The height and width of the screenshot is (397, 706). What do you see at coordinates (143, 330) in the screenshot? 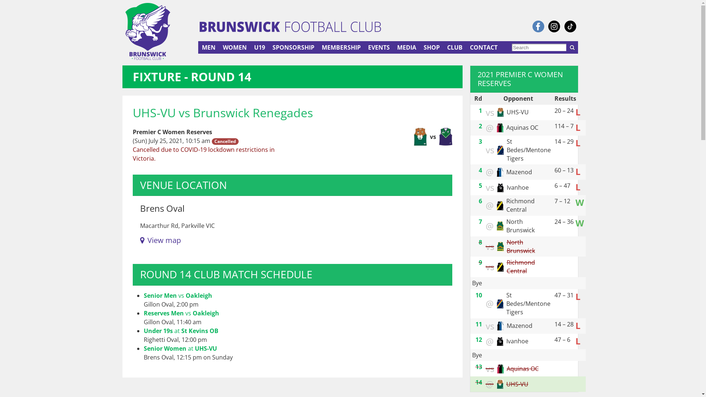
I see `'Under 19s at St Kevins OB'` at bounding box center [143, 330].